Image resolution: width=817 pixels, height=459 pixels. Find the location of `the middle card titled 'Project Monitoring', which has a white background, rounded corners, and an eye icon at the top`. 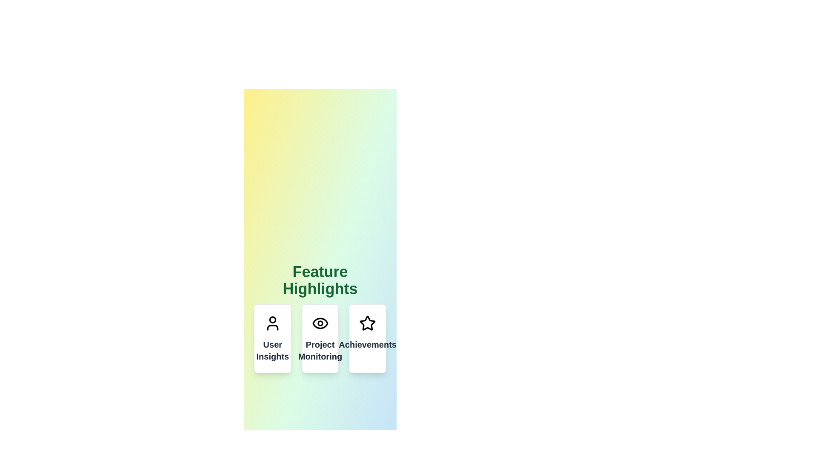

the middle card titled 'Project Monitoring', which has a white background, rounded corners, and an eye icon at the top is located at coordinates (320, 338).